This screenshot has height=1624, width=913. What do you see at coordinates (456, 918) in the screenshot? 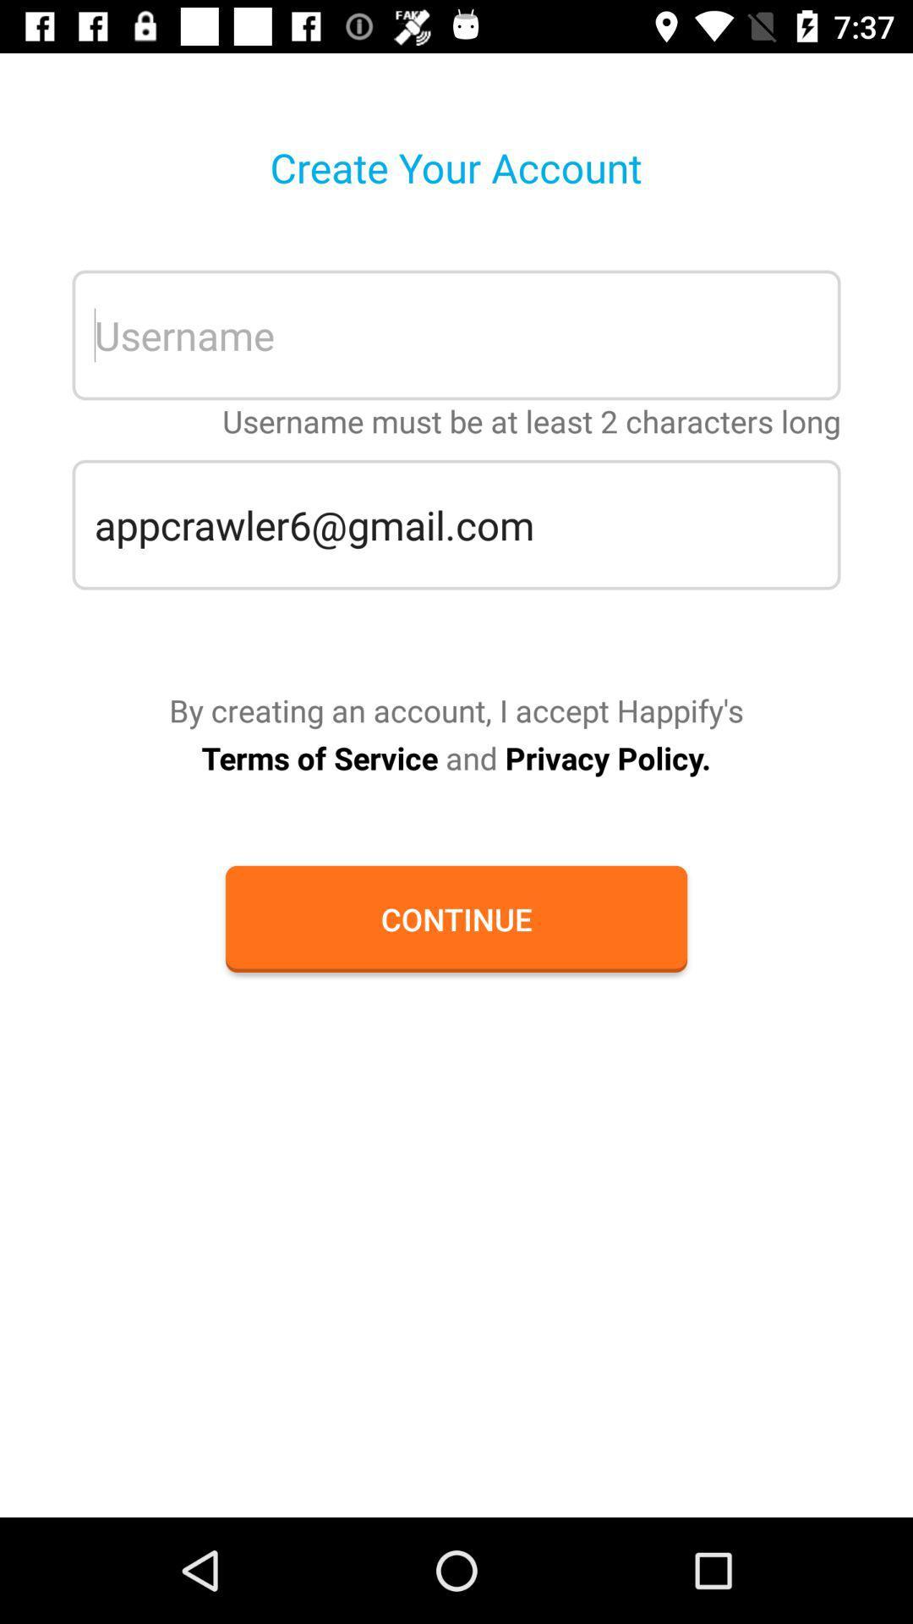
I see `continue` at bounding box center [456, 918].